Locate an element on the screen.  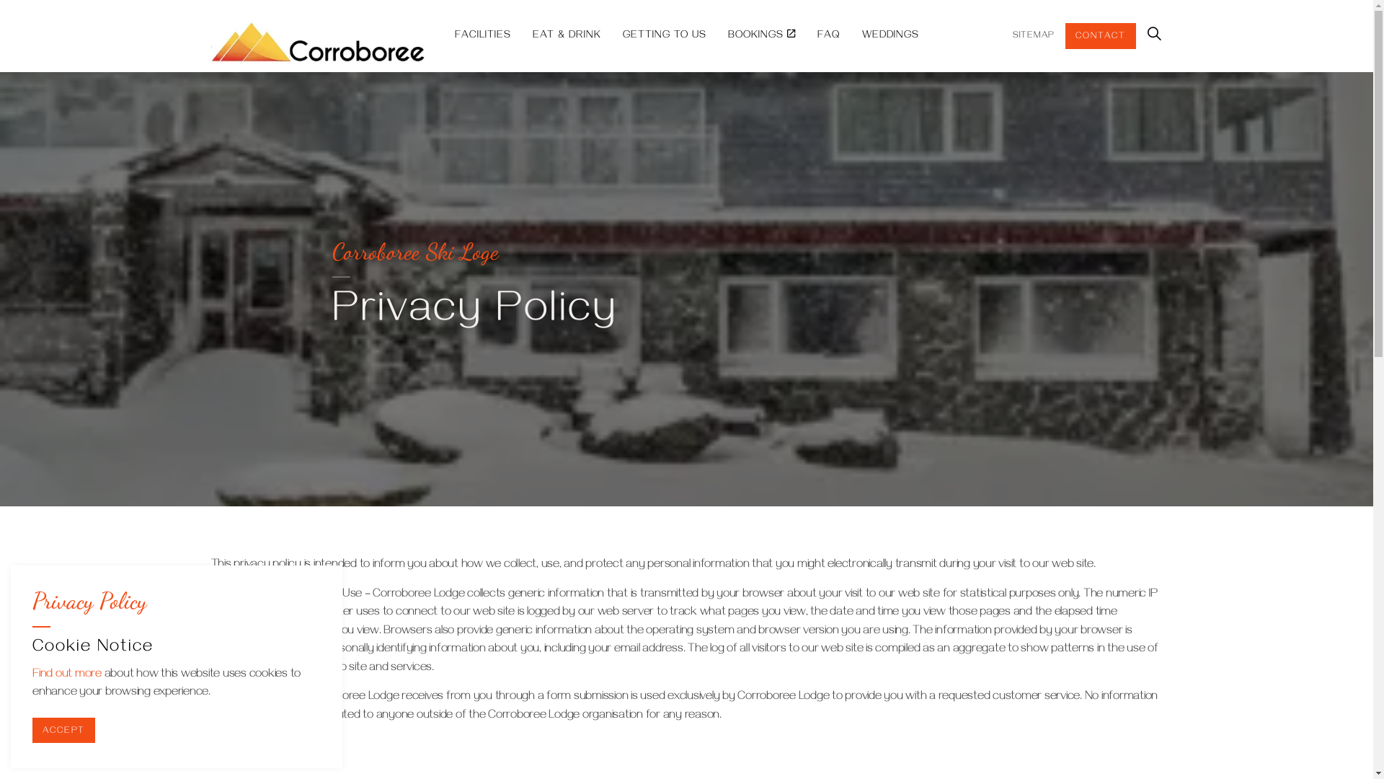
'GETTING TO US' is located at coordinates (611, 35).